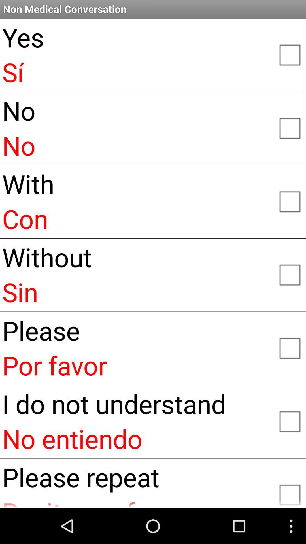 This screenshot has width=306, height=544. I want to click on mark done, so click(290, 347).